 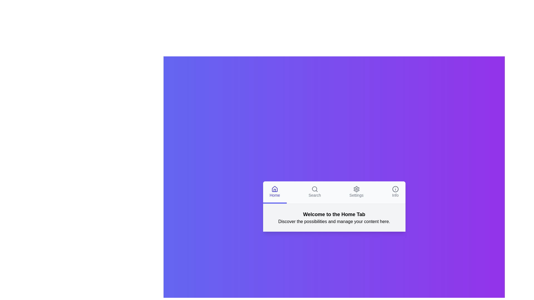 What do you see at coordinates (395, 195) in the screenshot?
I see `the 'Info' text label element located at the far right of the navigational bar, styled with a gray color and sans-serif font` at bounding box center [395, 195].